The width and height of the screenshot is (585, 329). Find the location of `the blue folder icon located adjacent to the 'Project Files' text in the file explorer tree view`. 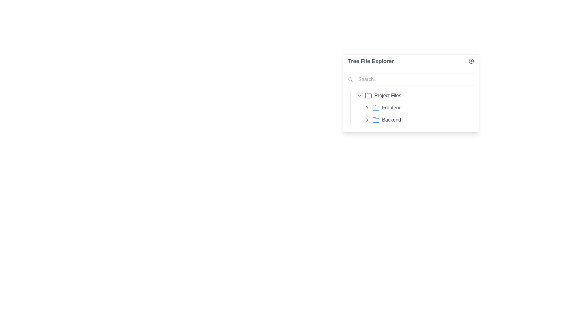

the blue folder icon located adjacent to the 'Project Files' text in the file explorer tree view is located at coordinates (368, 95).